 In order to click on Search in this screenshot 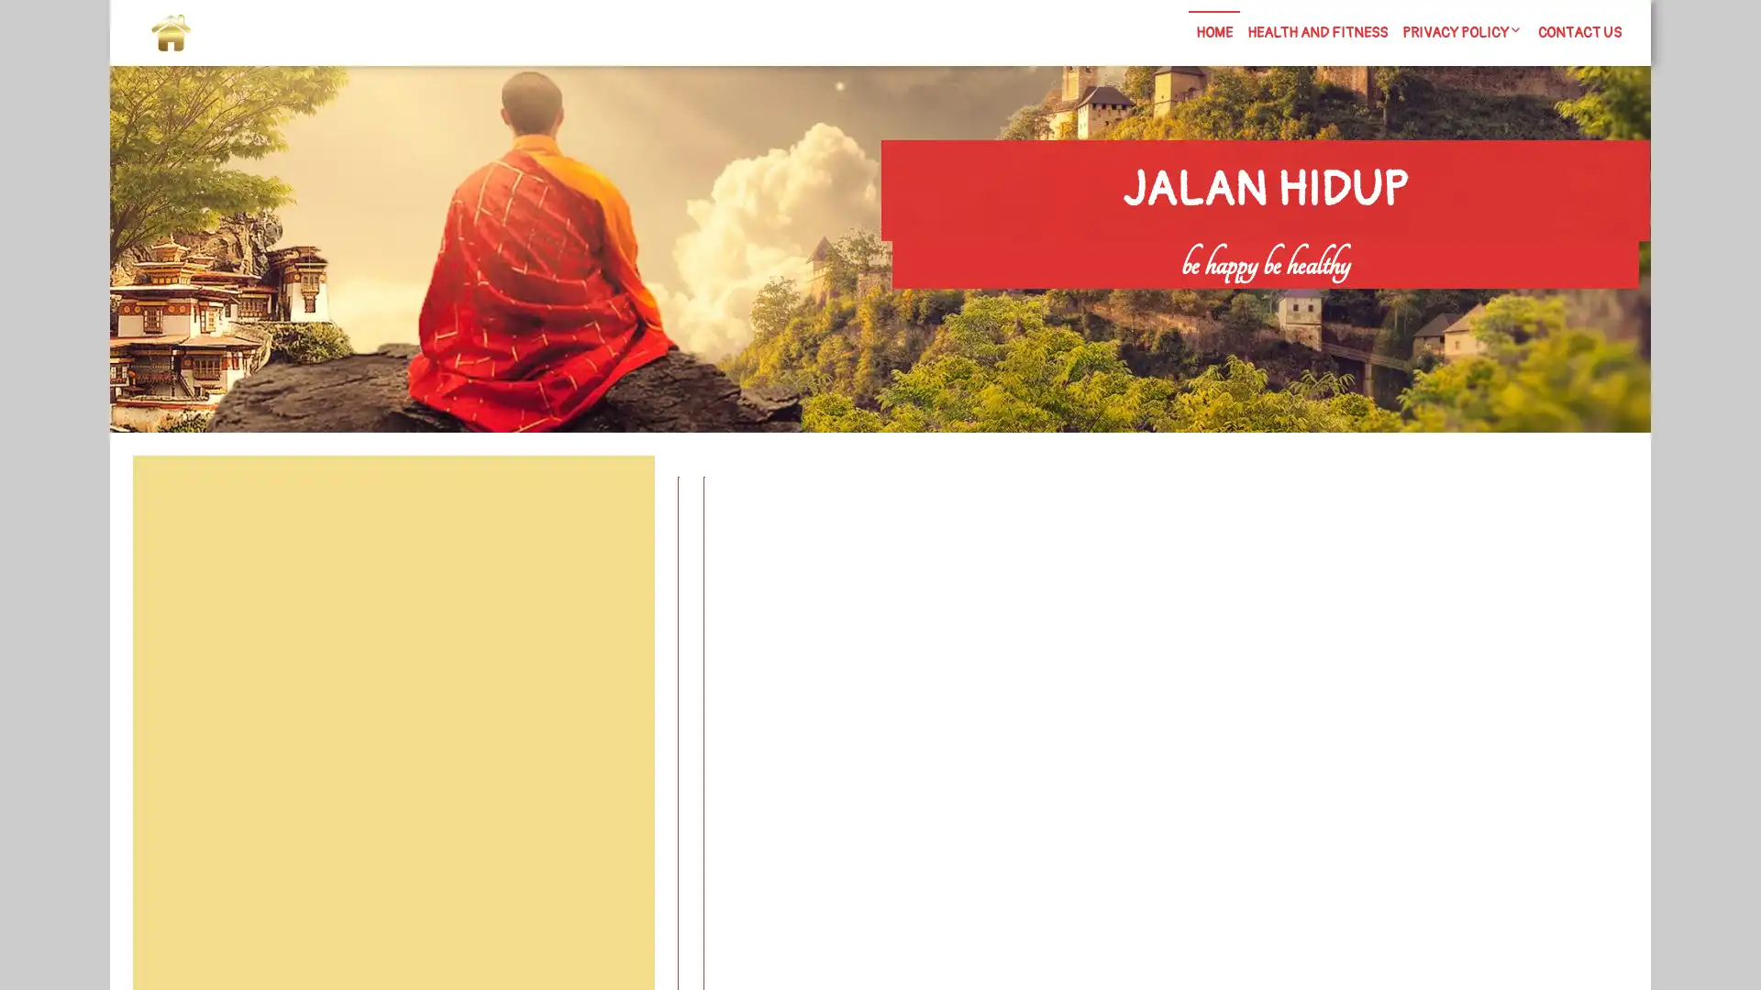, I will do `click(612, 500)`.